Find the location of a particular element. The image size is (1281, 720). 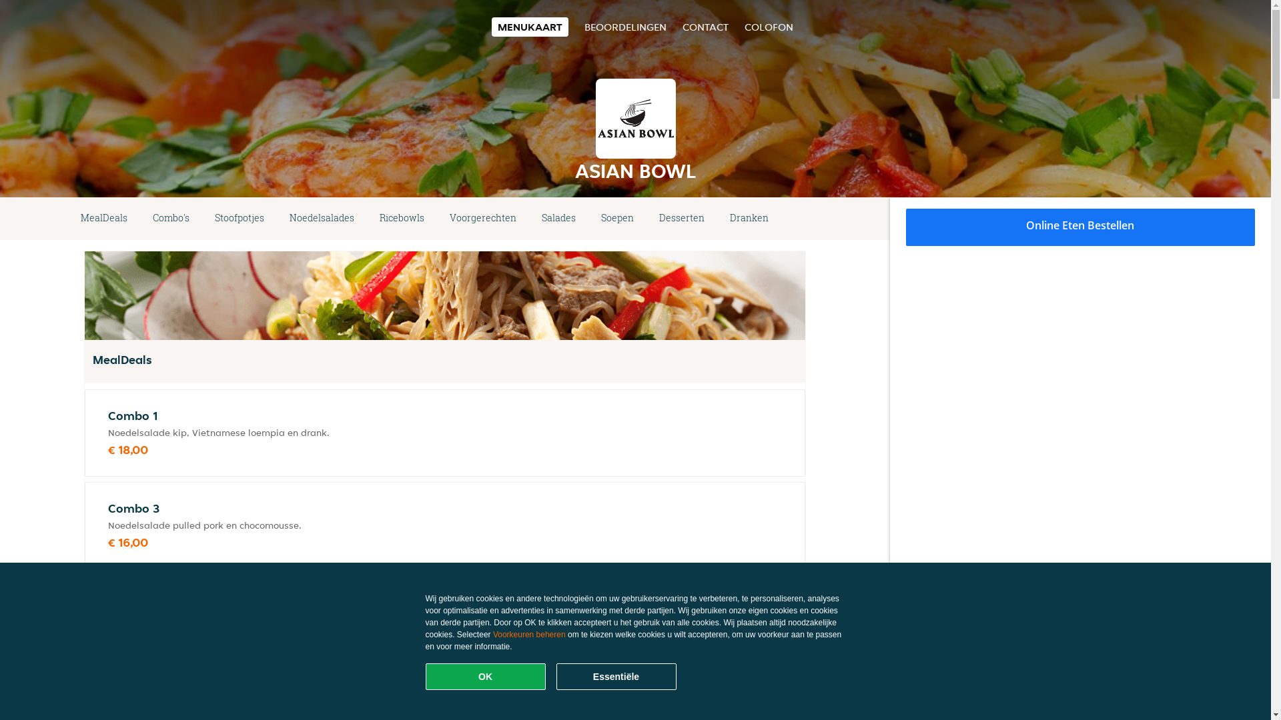

'CONTACT' is located at coordinates (704, 27).